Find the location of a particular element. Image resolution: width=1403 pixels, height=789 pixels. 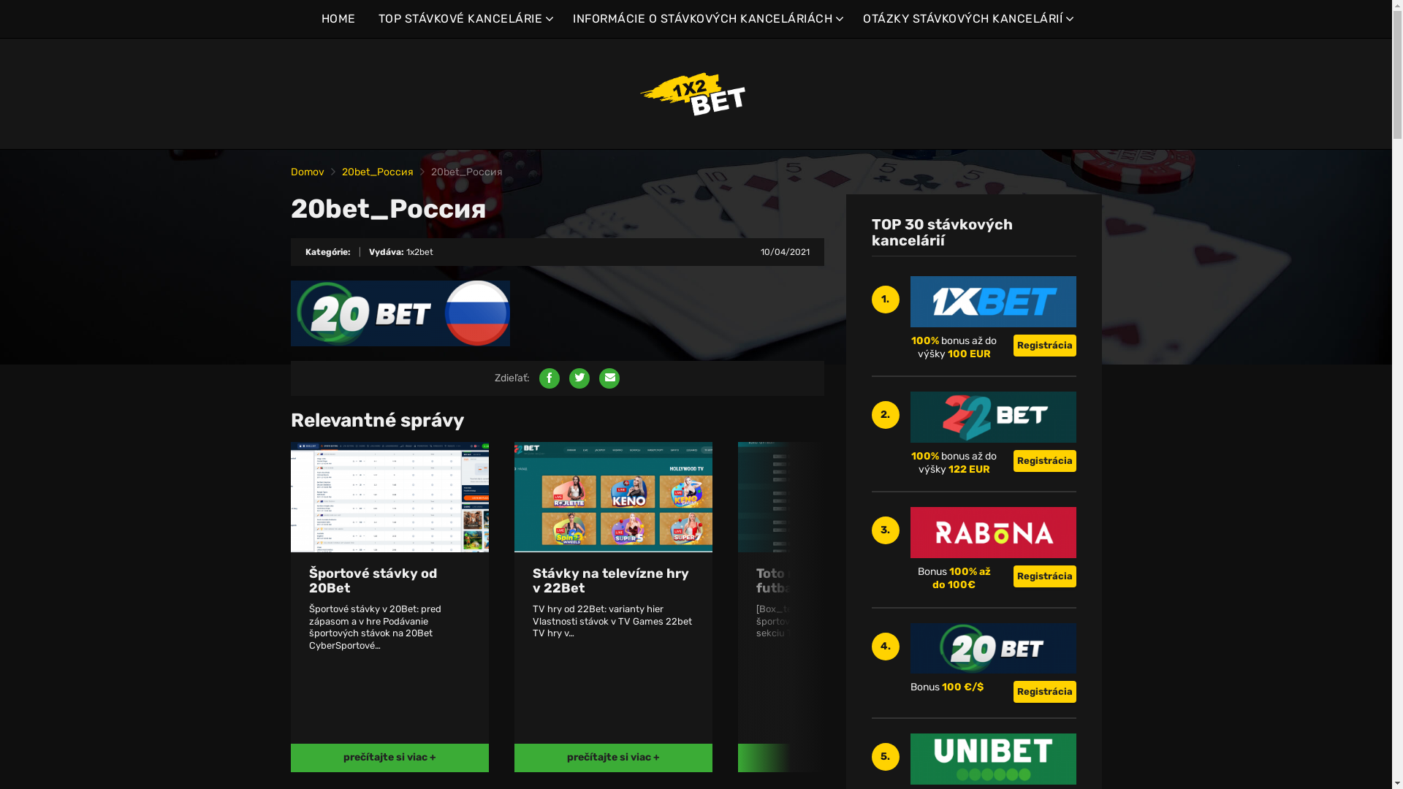

'Share by email' is located at coordinates (599, 377).